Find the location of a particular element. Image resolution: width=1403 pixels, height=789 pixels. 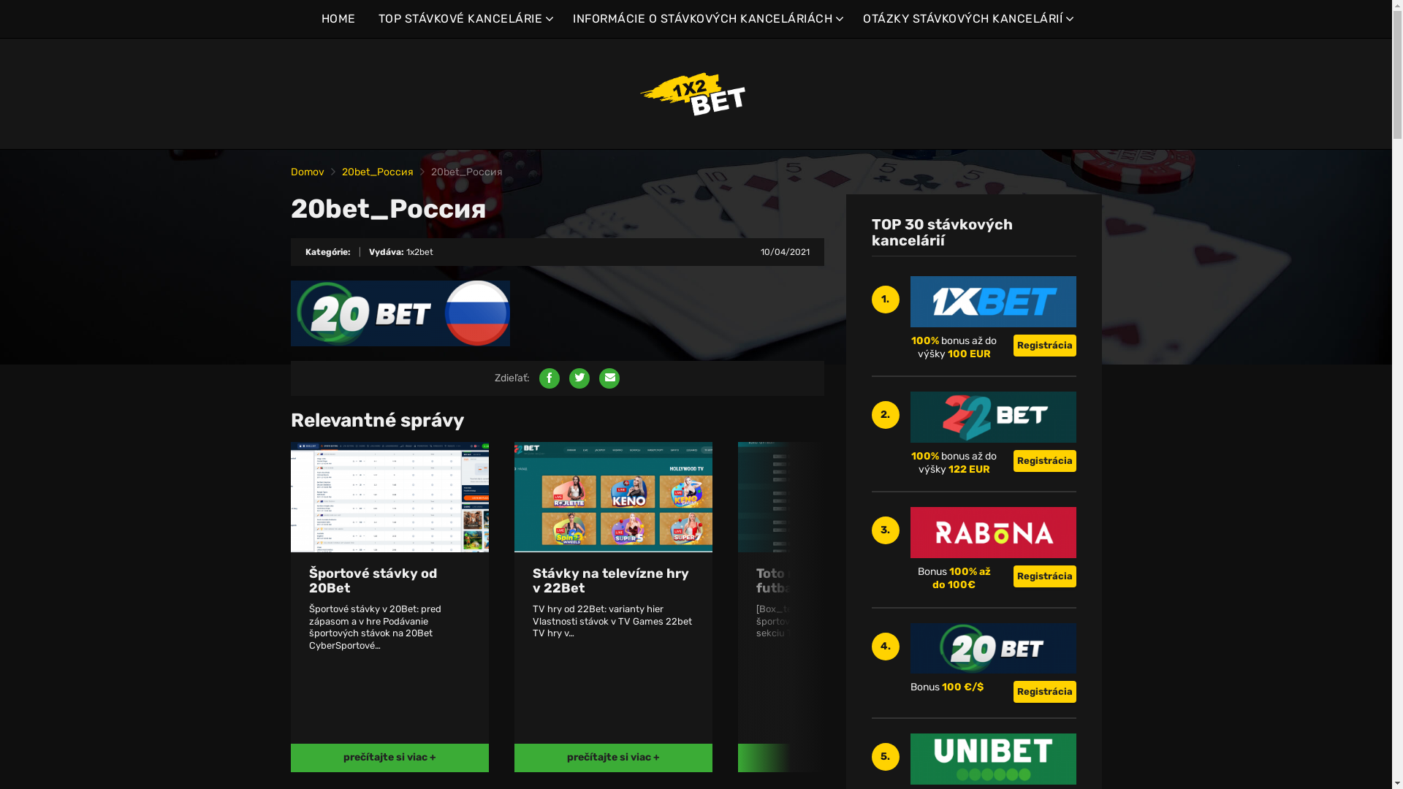

'Share by email' is located at coordinates (599, 377).